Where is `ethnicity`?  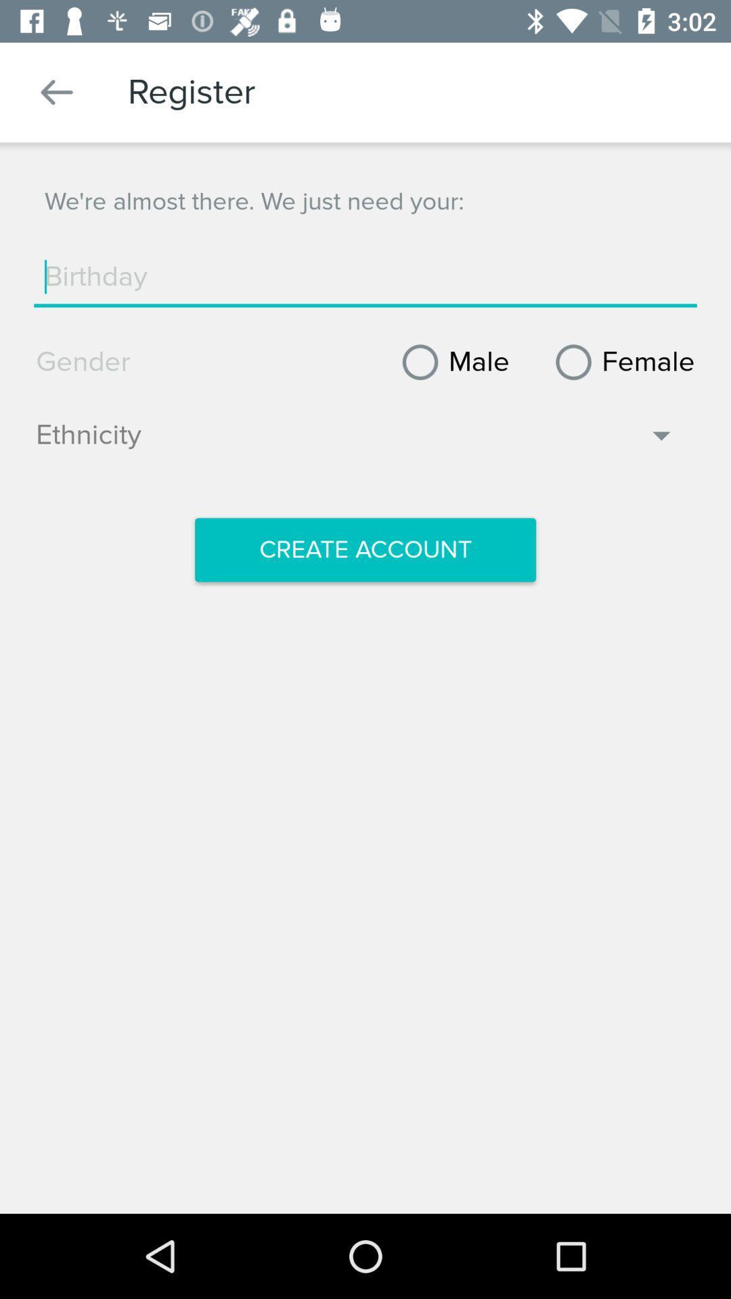 ethnicity is located at coordinates (355, 442).